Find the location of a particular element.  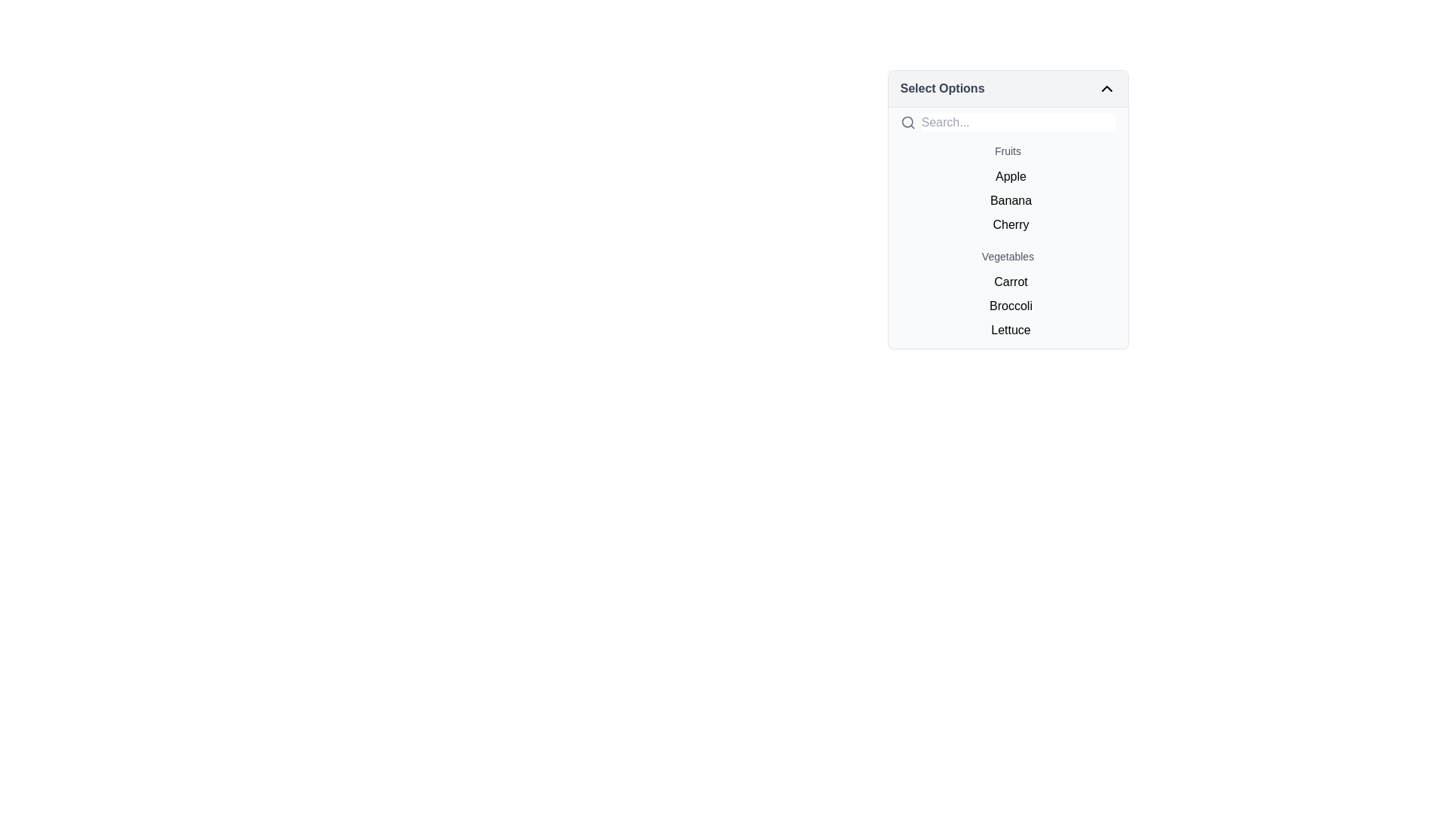

the 'Cherry' selection option in the Fruits section of the dropdown menu is located at coordinates (1011, 225).